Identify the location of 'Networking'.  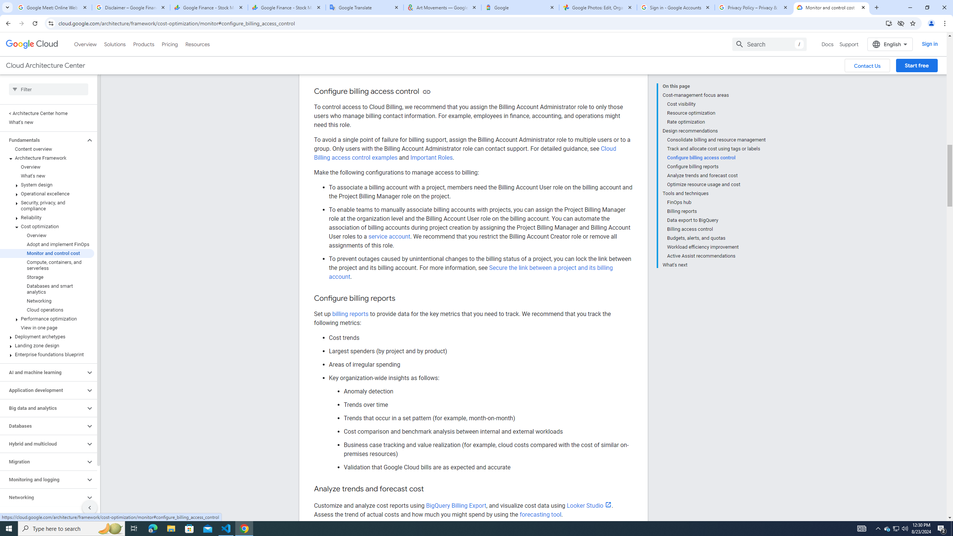
(42, 497).